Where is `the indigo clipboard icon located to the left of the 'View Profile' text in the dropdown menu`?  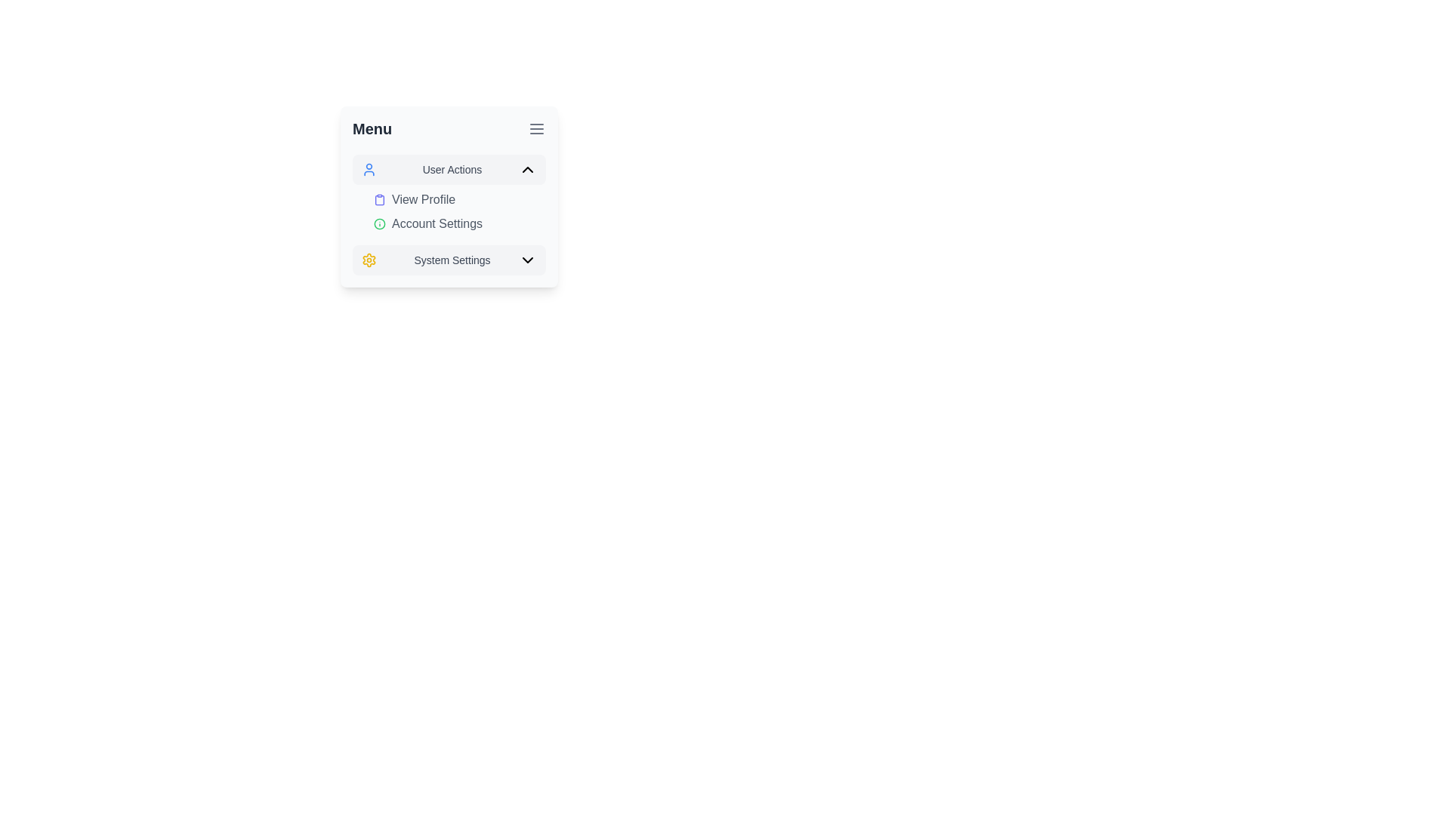
the indigo clipboard icon located to the left of the 'View Profile' text in the dropdown menu is located at coordinates (380, 199).